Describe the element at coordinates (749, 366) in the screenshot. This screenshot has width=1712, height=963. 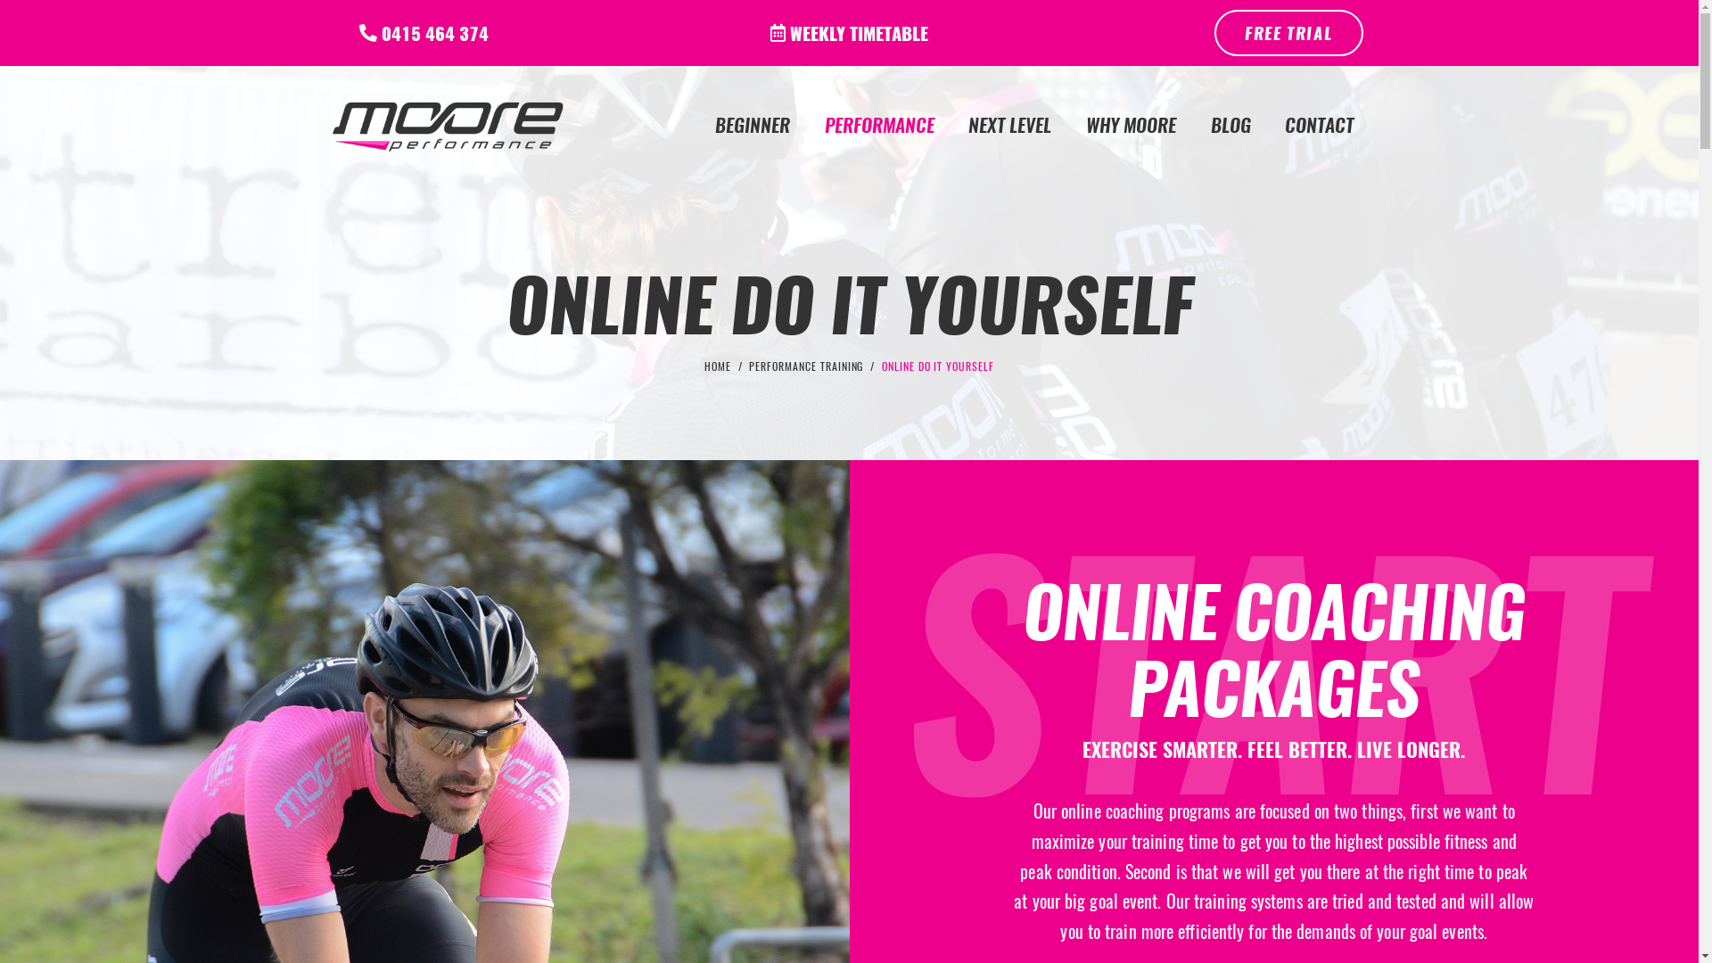
I see `'PERFORMANCE TRAINING'` at that location.